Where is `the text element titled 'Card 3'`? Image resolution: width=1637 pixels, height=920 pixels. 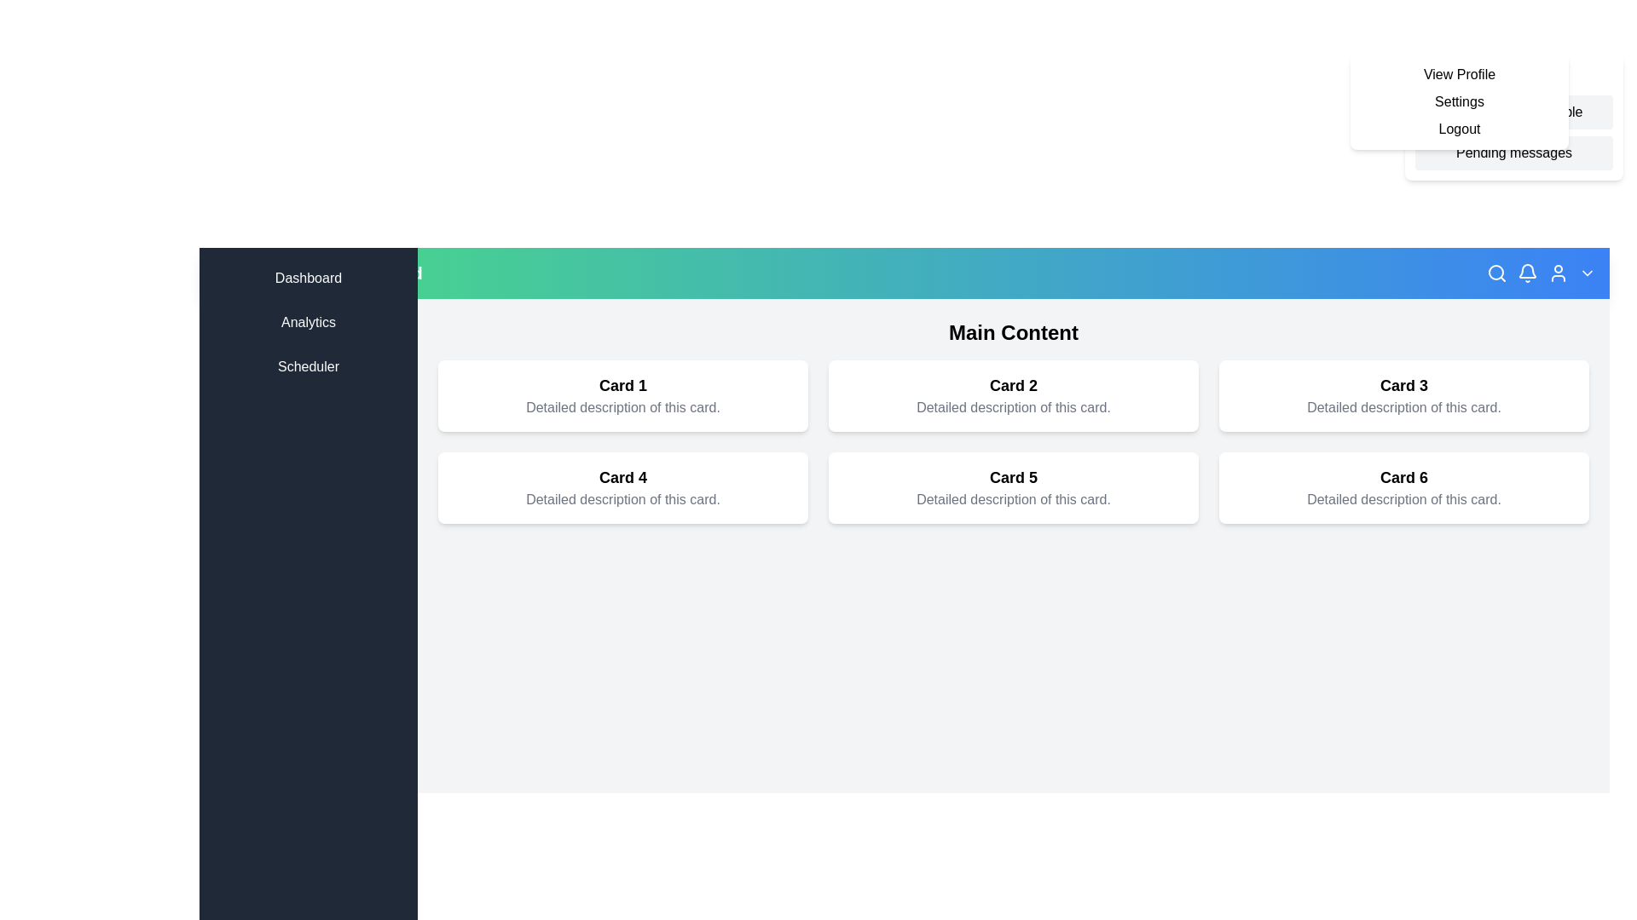 the text element titled 'Card 3' is located at coordinates (1403, 385).